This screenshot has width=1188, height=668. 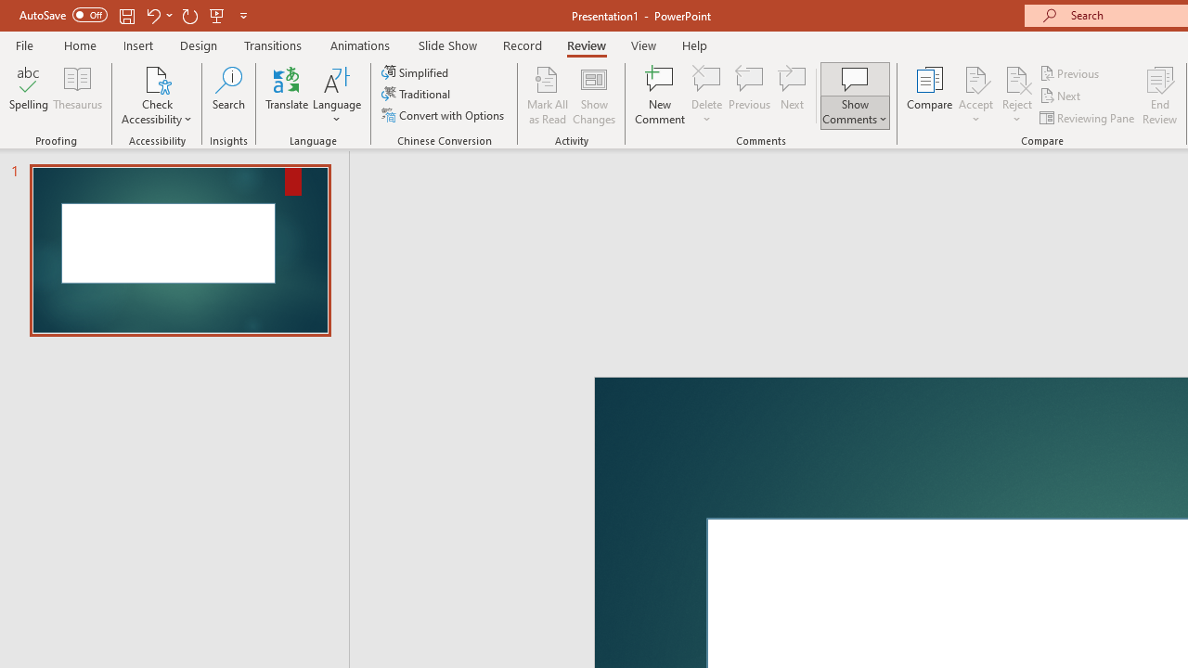 What do you see at coordinates (286, 96) in the screenshot?
I see `'Translate'` at bounding box center [286, 96].